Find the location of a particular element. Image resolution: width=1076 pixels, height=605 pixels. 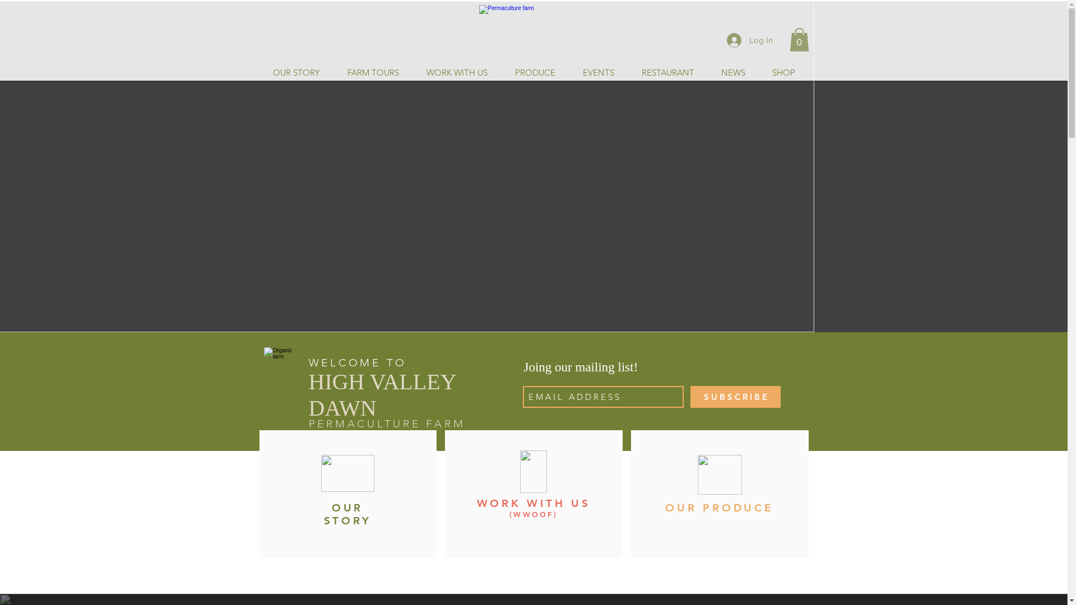

'0' is located at coordinates (788, 39).